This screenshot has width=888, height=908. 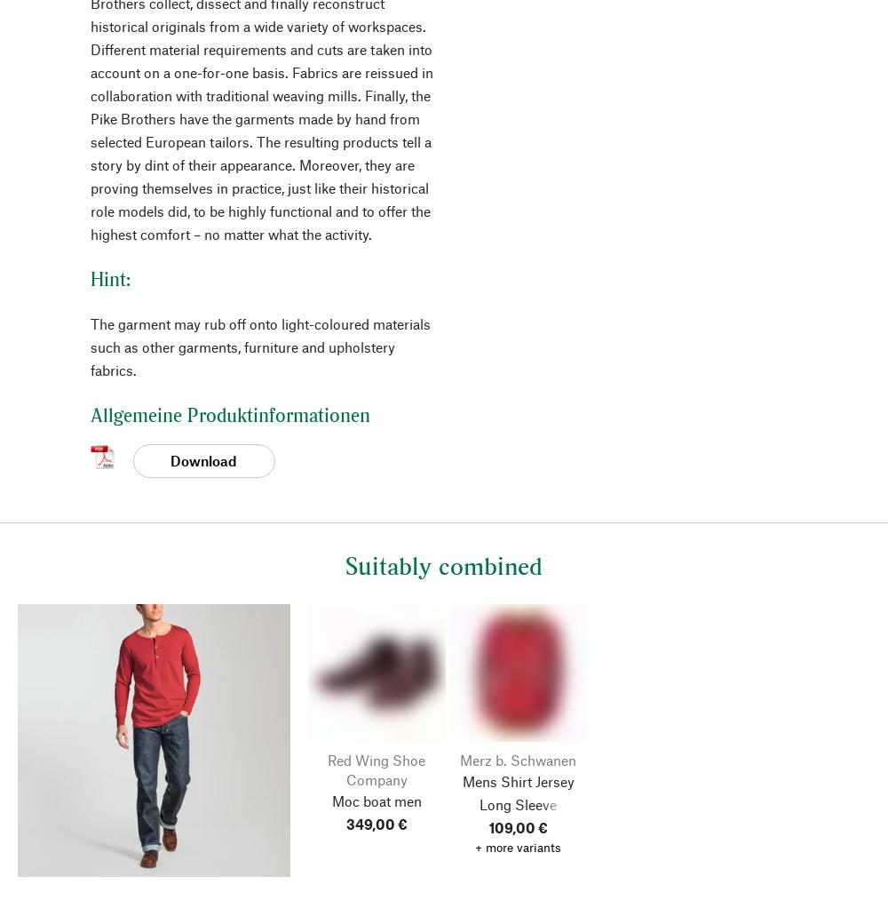 What do you see at coordinates (444, 564) in the screenshot?
I see `'Suitably combined'` at bounding box center [444, 564].